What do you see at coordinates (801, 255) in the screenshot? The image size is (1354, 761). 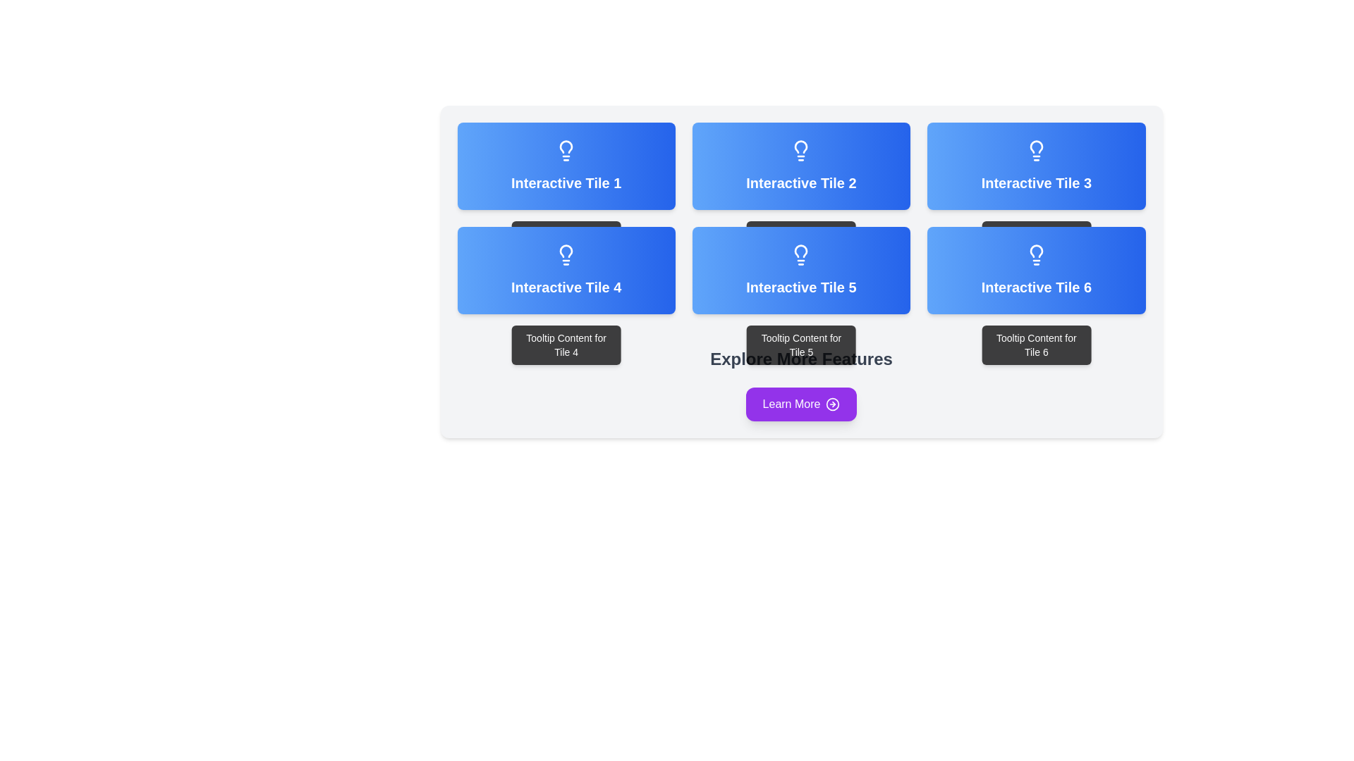 I see `the lightbulb icon located in the fifth tile of the bottom row labeled 'Interactive Tile 5'` at bounding box center [801, 255].